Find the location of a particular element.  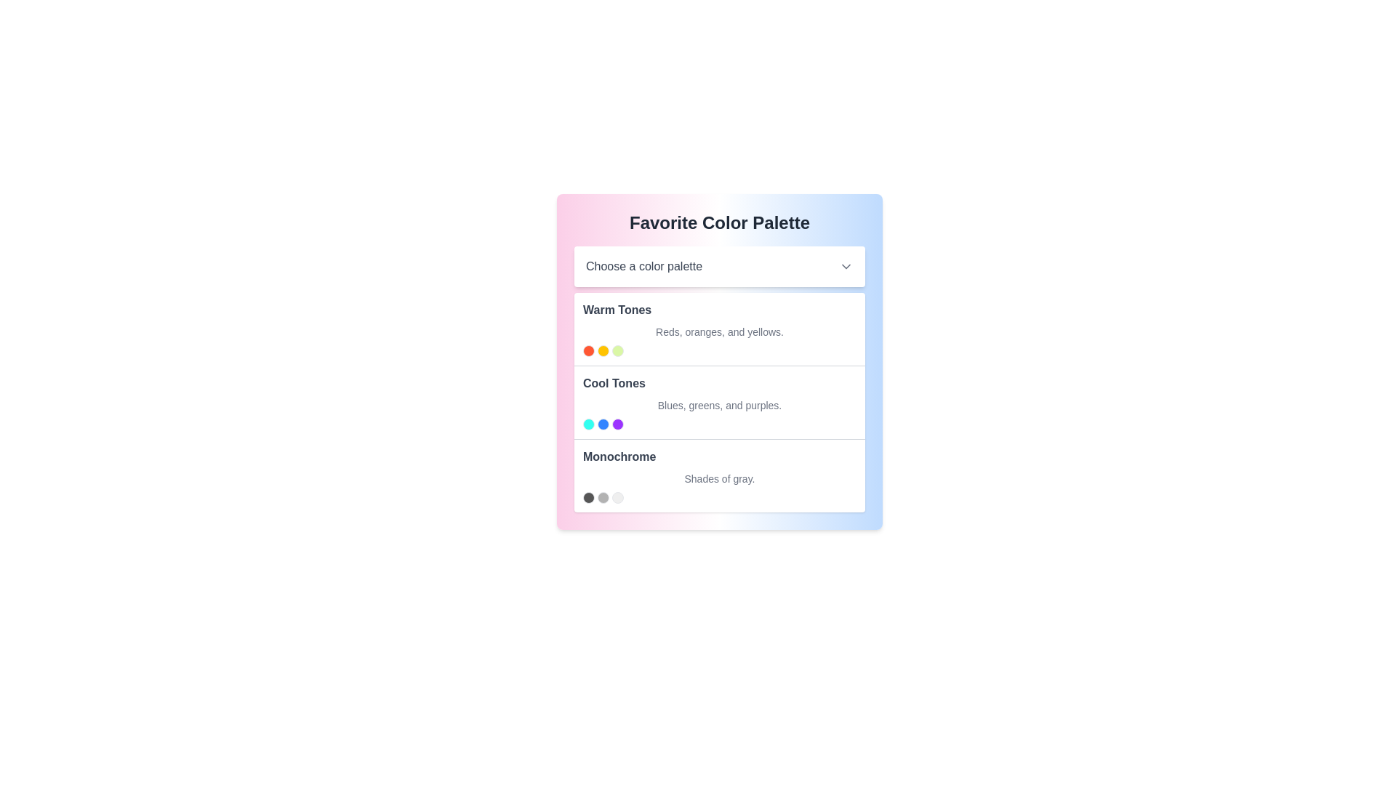

the descriptive text element that provides details about the 'Warm Tones' color palette, which consists of reds, oranges, and yellows is located at coordinates (719, 331).